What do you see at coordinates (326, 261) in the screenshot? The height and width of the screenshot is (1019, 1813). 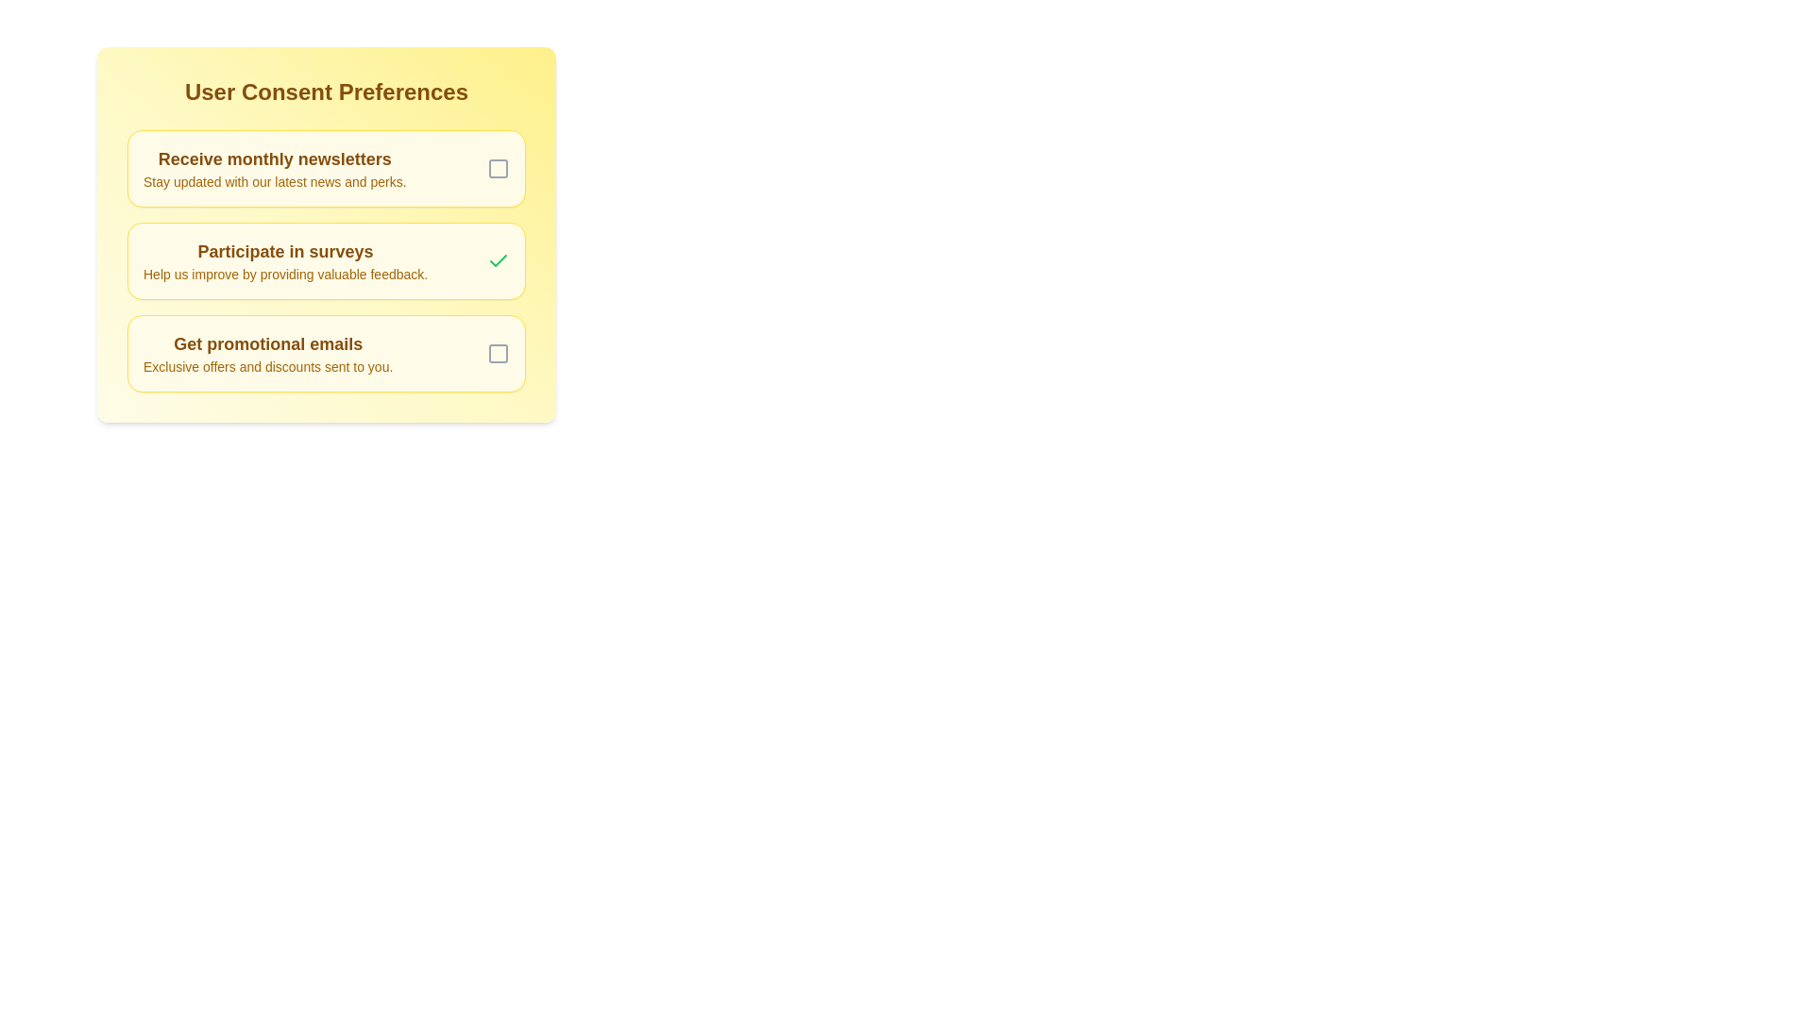 I see `the checkbox on the second informative card that allows users to provide feedback by participating in surveys` at bounding box center [326, 261].